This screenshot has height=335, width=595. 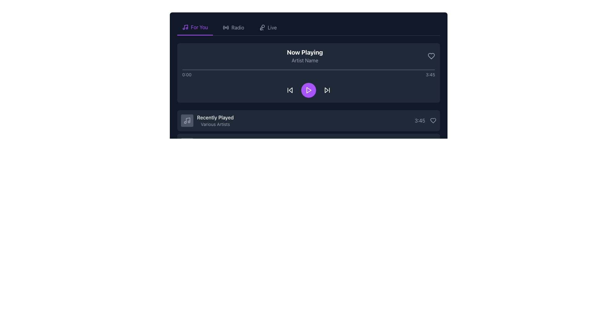 I want to click on the 'Radio' button in the navigation bar, so click(x=233, y=27).